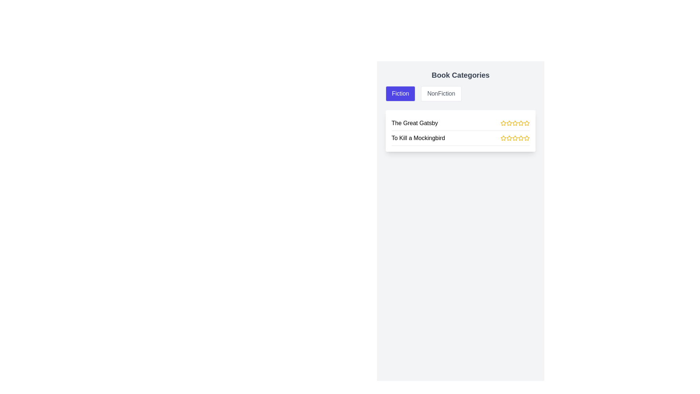  Describe the element at coordinates (521, 123) in the screenshot. I see `the fifth yellow star icon used for rating in 'The Great Gatsby' row within the 'Fiction' tab` at that location.